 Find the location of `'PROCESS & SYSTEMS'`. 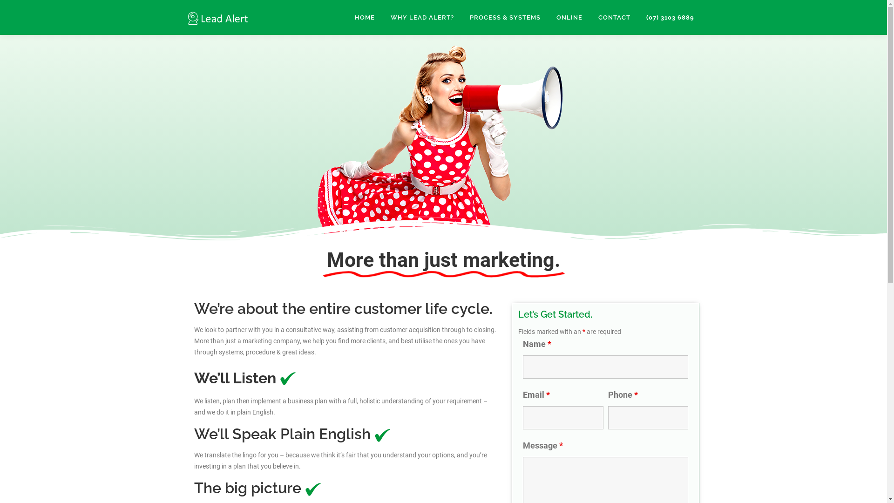

'PROCESS & SYSTEMS' is located at coordinates (504, 17).